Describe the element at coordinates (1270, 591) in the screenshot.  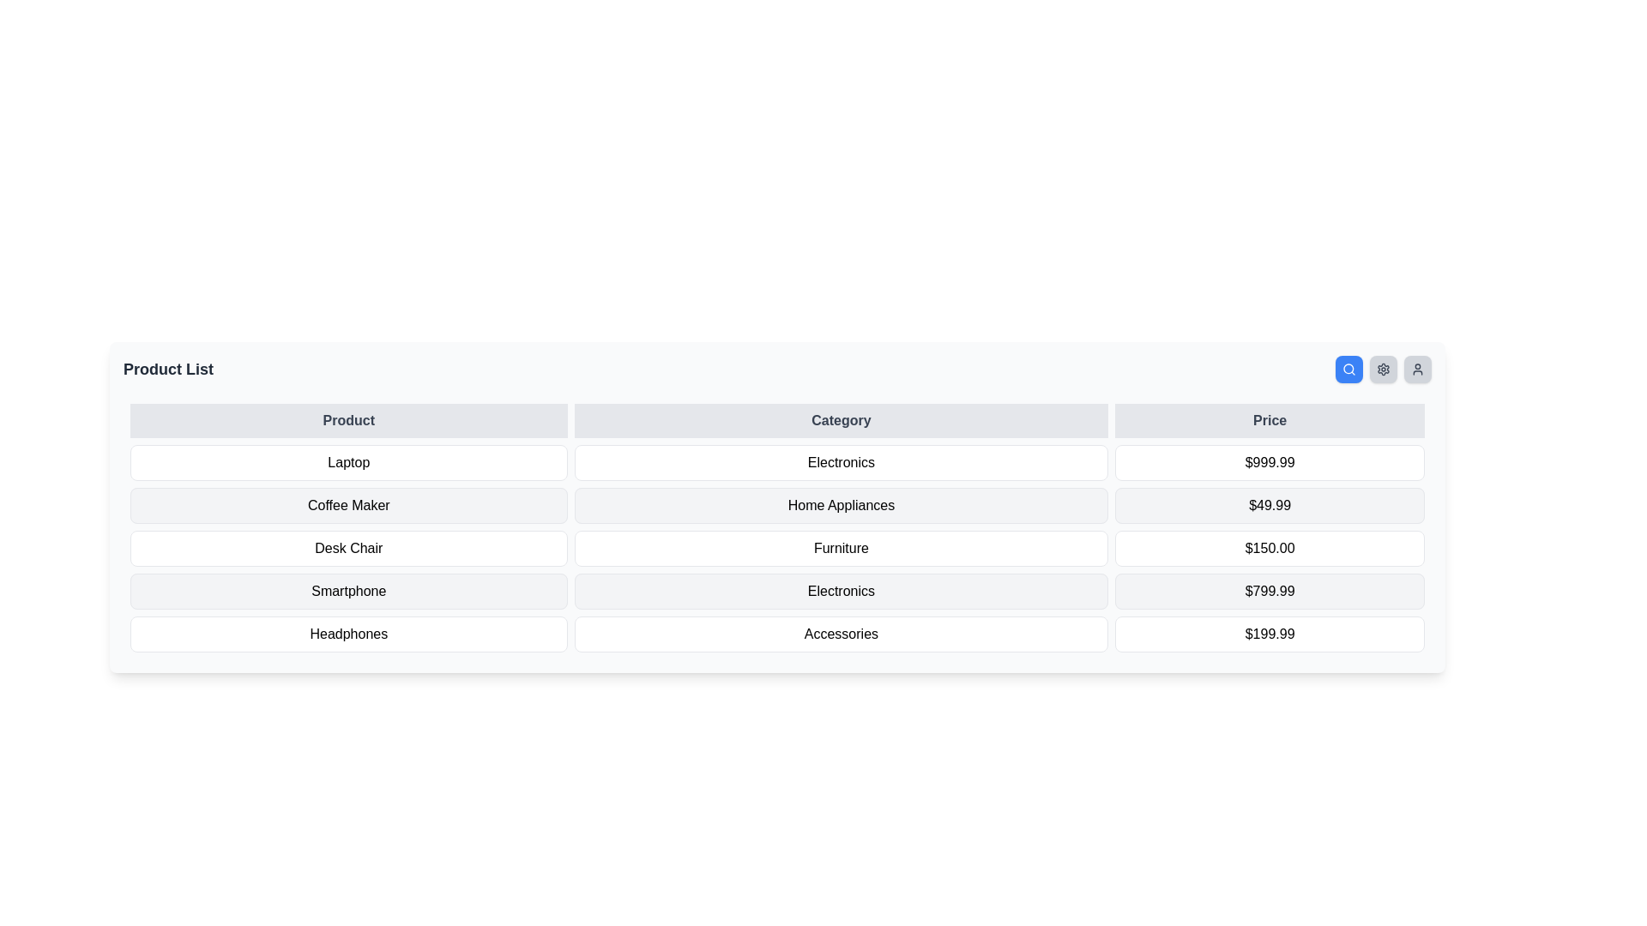
I see `the price label displaying the monetary value for the 'Smartphone' in the third column of the fourth row of the data table` at that location.